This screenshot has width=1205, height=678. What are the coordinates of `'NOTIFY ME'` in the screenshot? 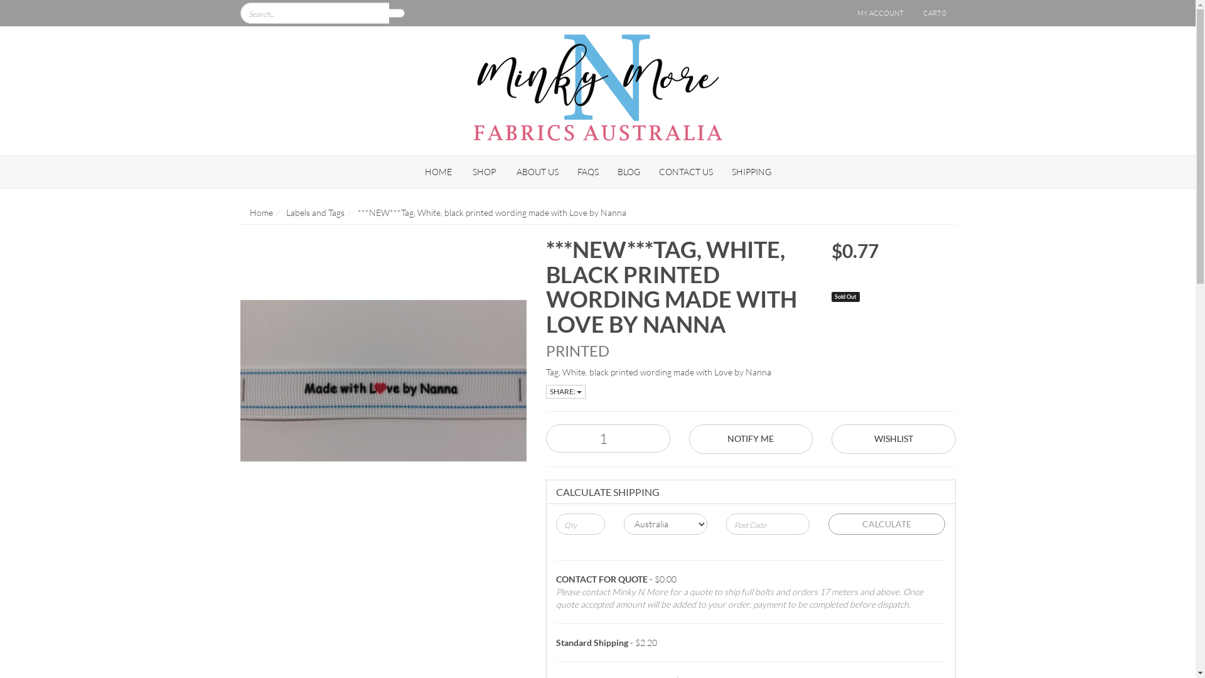 It's located at (751, 438).